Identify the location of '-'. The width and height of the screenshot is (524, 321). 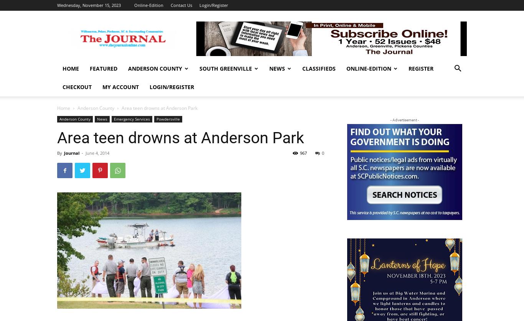
(81, 152).